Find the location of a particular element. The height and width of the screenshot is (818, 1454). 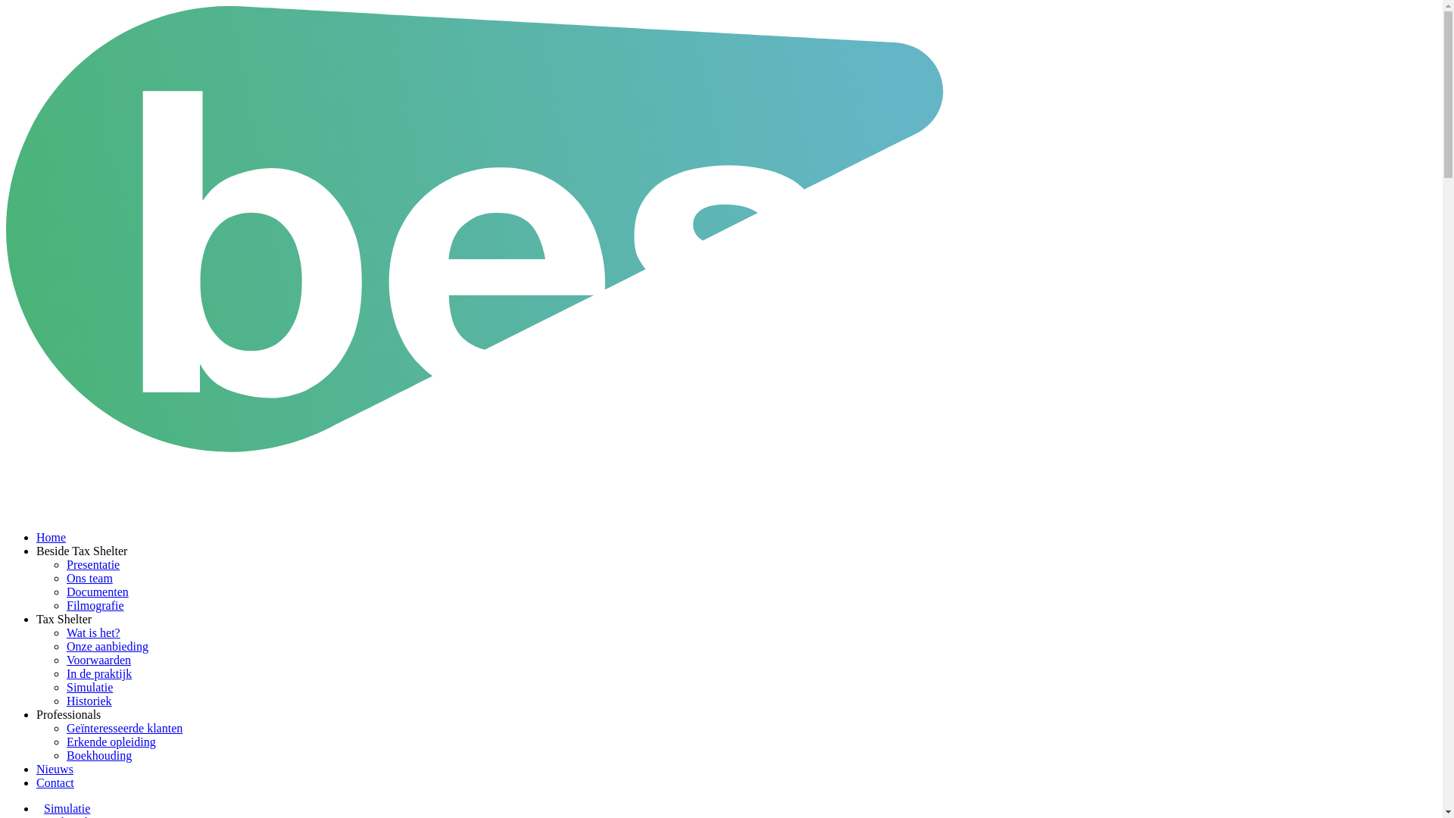

'Historiek' is located at coordinates (89, 701).